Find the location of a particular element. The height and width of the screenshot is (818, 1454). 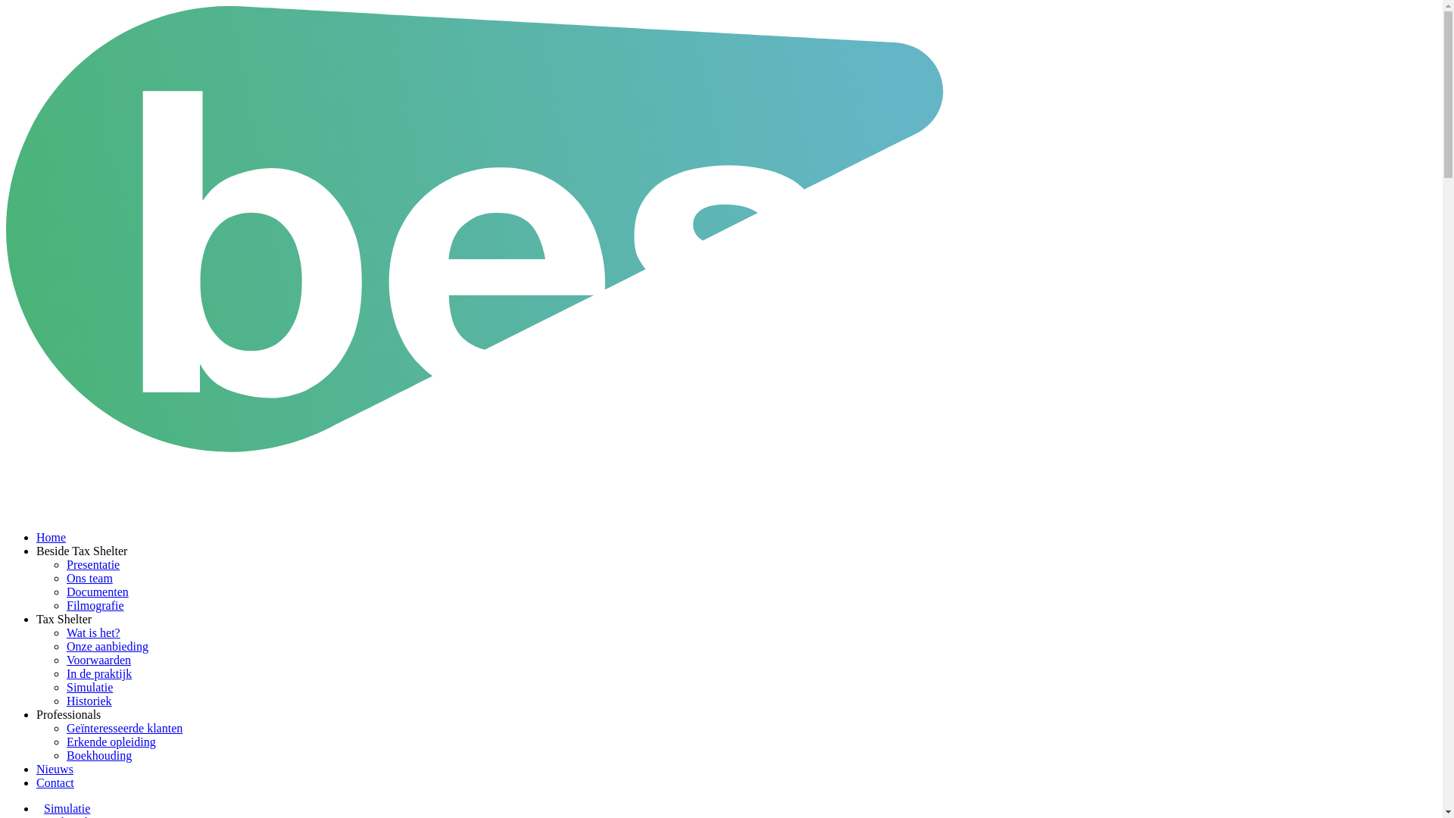

'Historiek' is located at coordinates (89, 701).